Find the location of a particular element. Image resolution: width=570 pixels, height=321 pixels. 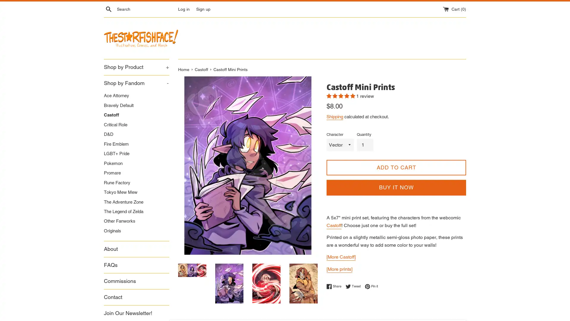

ADD TO CART is located at coordinates (396, 167).